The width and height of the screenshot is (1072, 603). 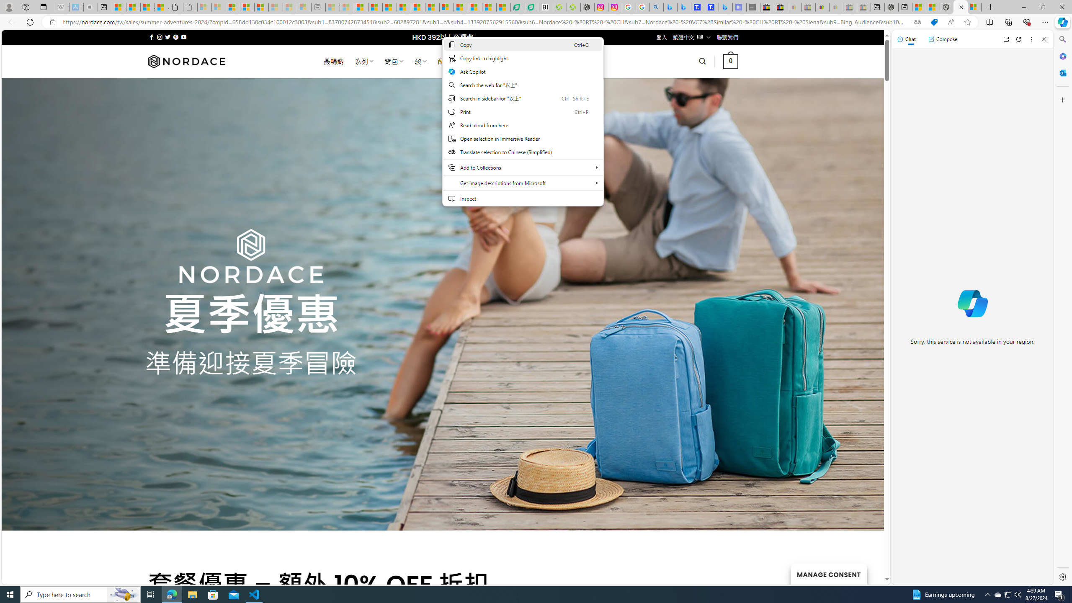 I want to click on 'Food and Drink - MSN', so click(x=375, y=7).